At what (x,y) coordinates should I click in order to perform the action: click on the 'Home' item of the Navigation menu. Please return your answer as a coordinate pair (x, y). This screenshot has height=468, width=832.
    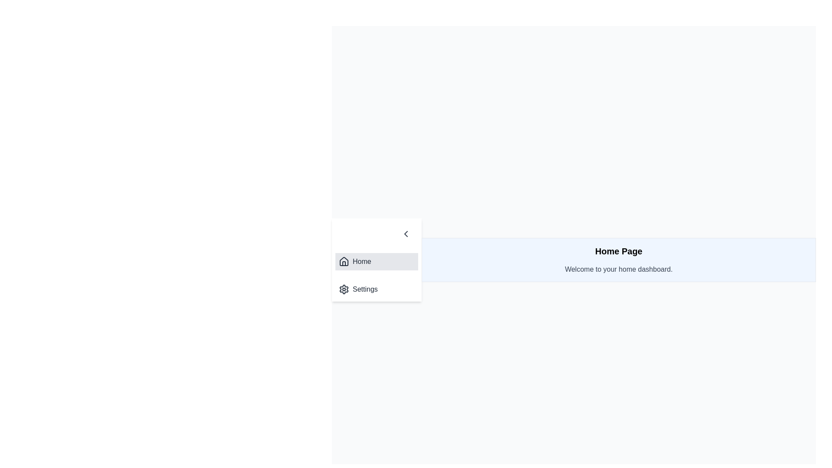
    Looking at the image, I should click on (377, 276).